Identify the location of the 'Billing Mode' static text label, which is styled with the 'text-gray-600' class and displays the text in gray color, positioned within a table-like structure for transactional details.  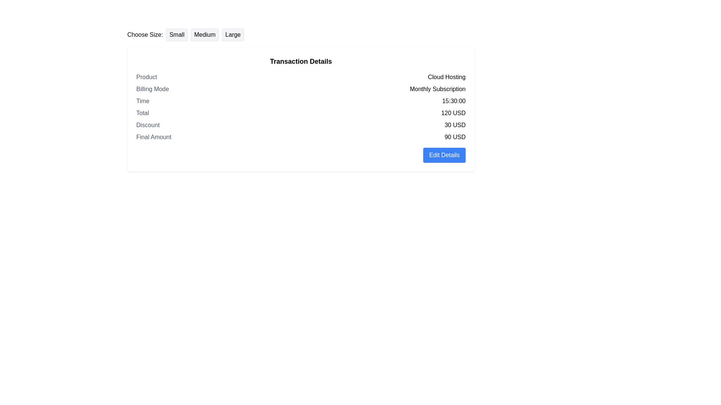
(152, 89).